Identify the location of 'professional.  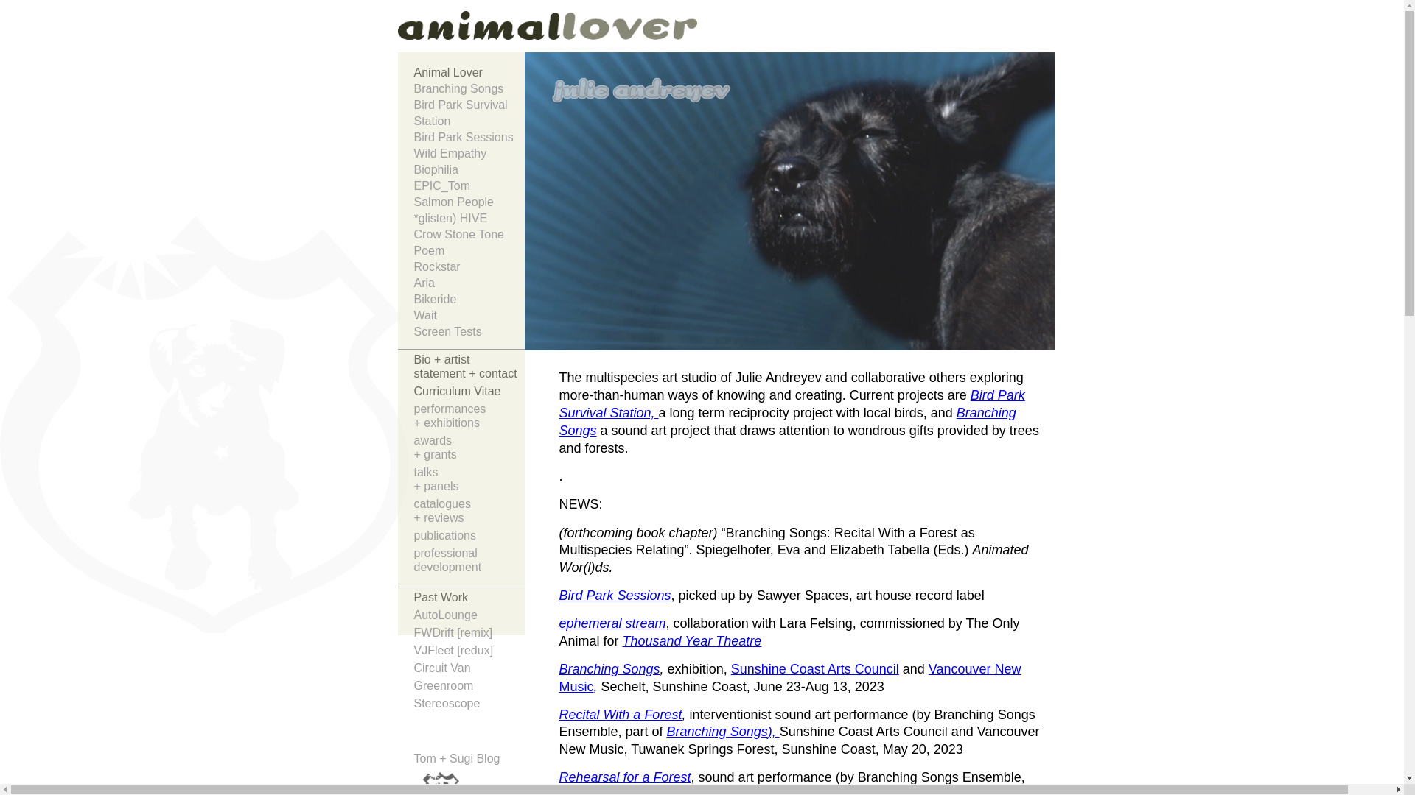
(469, 562).